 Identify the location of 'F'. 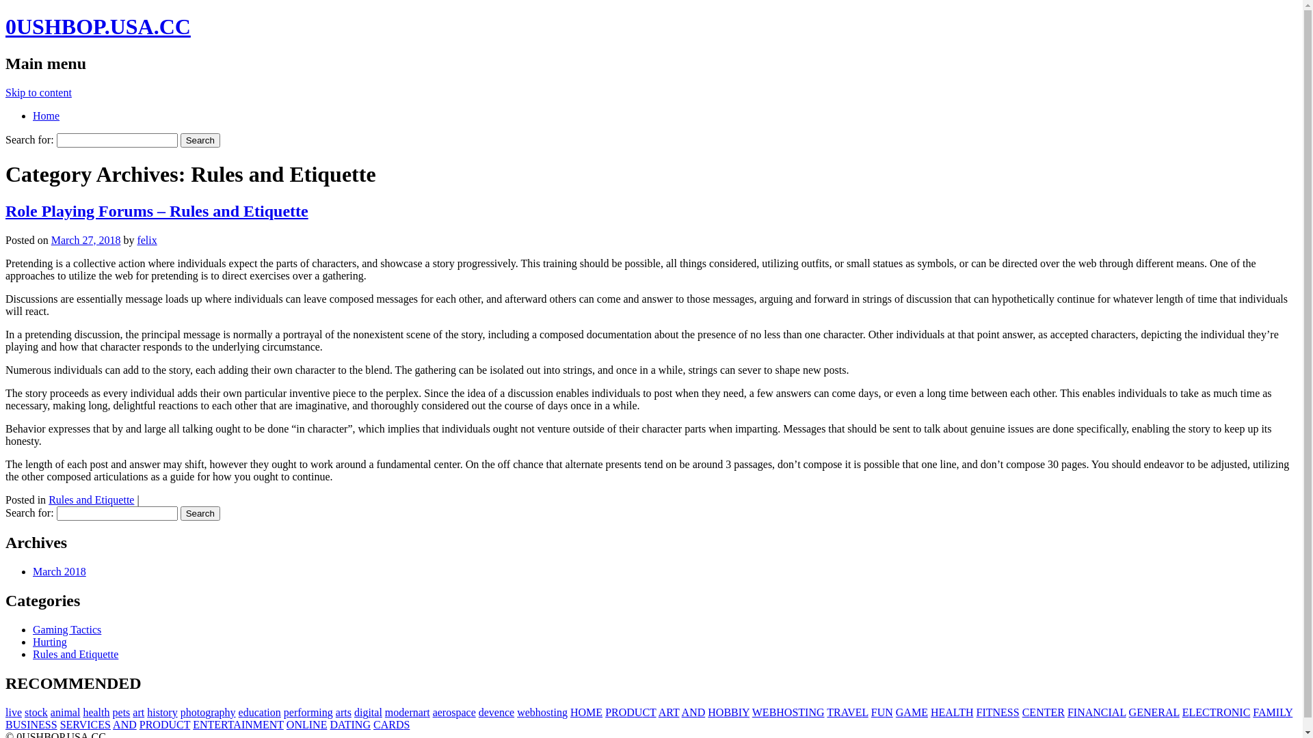
(873, 711).